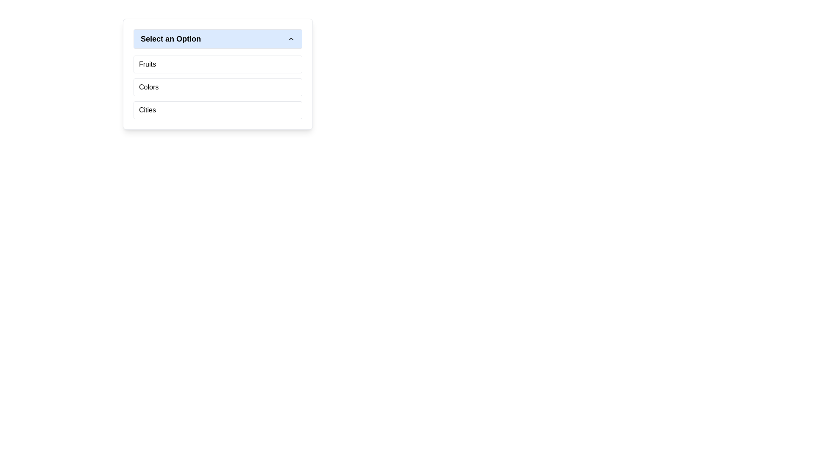 The image size is (814, 458). What do you see at coordinates (217, 87) in the screenshot?
I see `the second item in the vertically stacked list, which is positioned below the 'Fruits' option and above the 'Cities' option` at bounding box center [217, 87].